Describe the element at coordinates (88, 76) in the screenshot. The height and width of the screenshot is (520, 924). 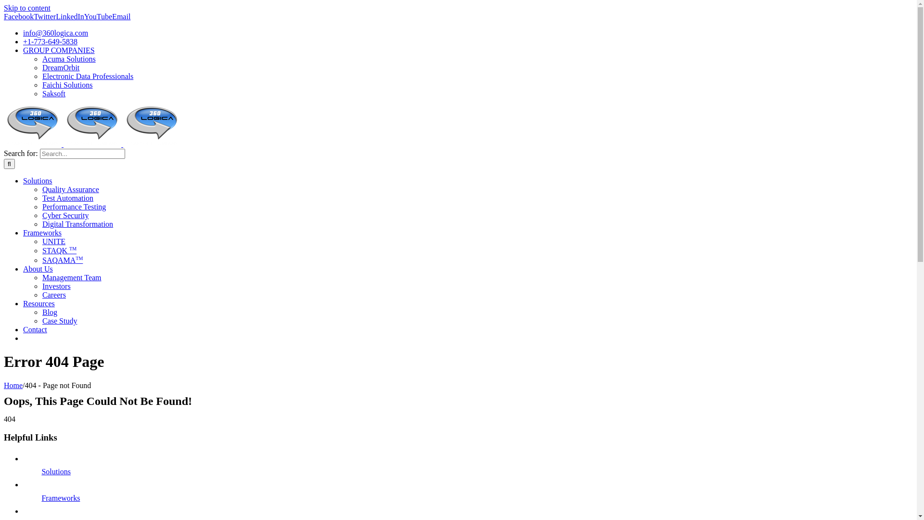
I see `'Electronic Data Professionals'` at that location.